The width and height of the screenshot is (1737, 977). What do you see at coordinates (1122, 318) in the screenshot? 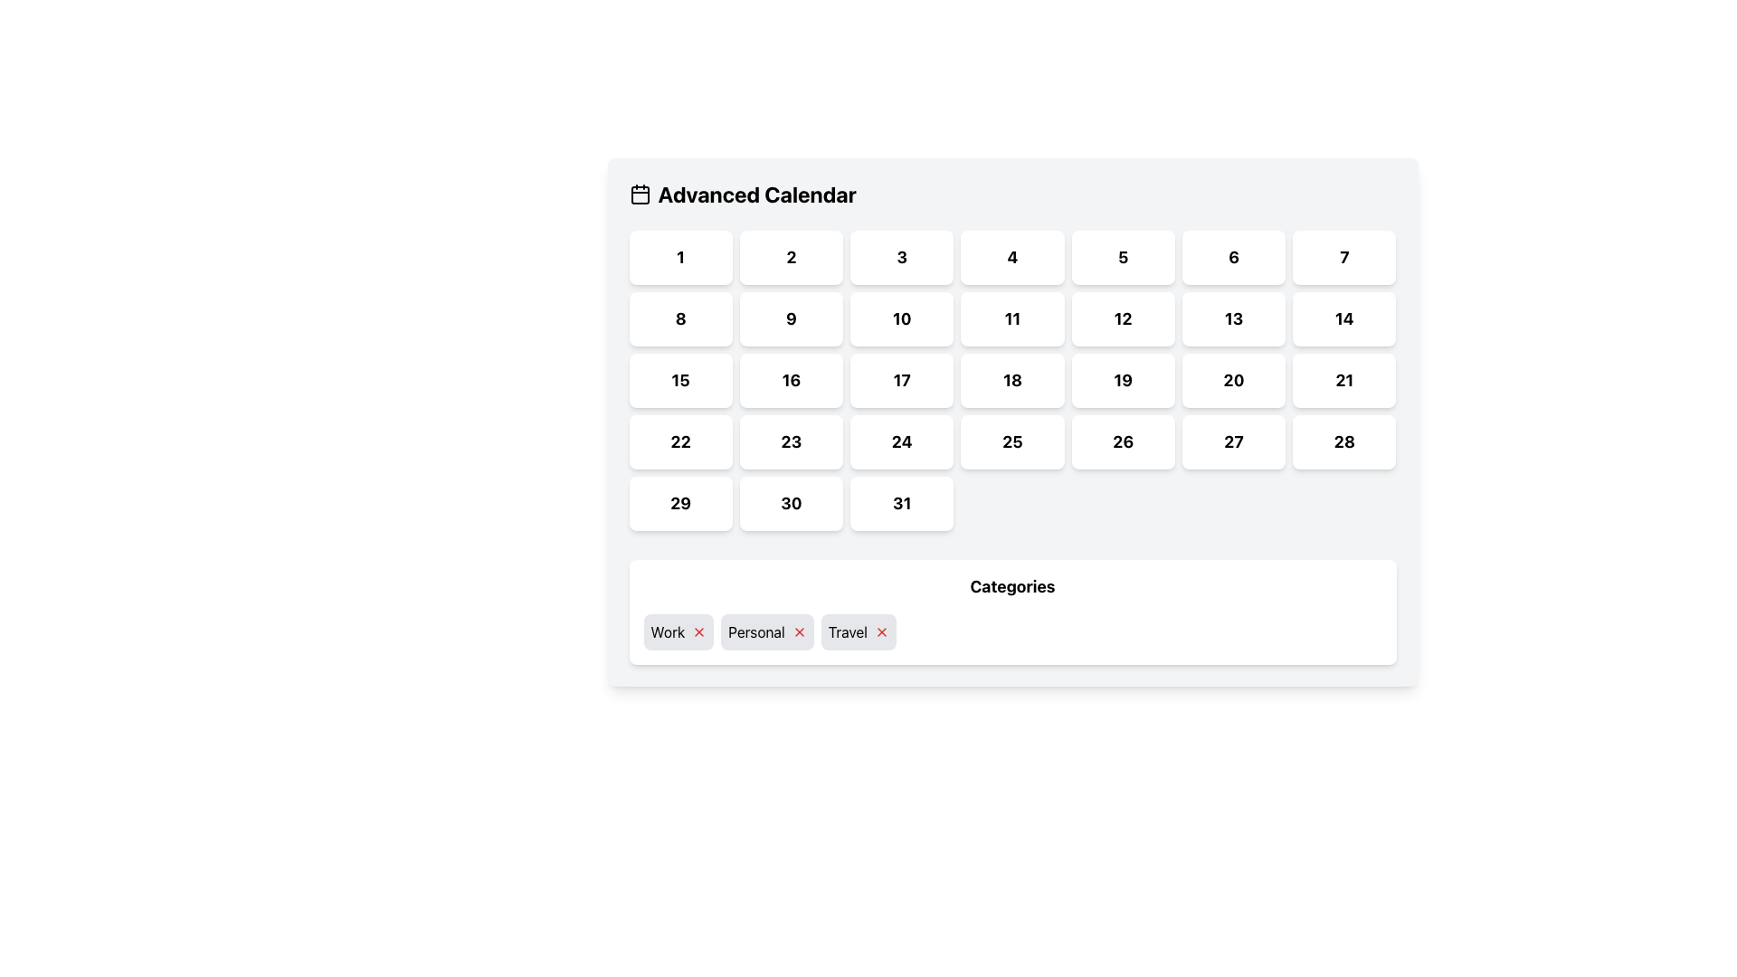
I see `the button labeled '12'` at bounding box center [1122, 318].